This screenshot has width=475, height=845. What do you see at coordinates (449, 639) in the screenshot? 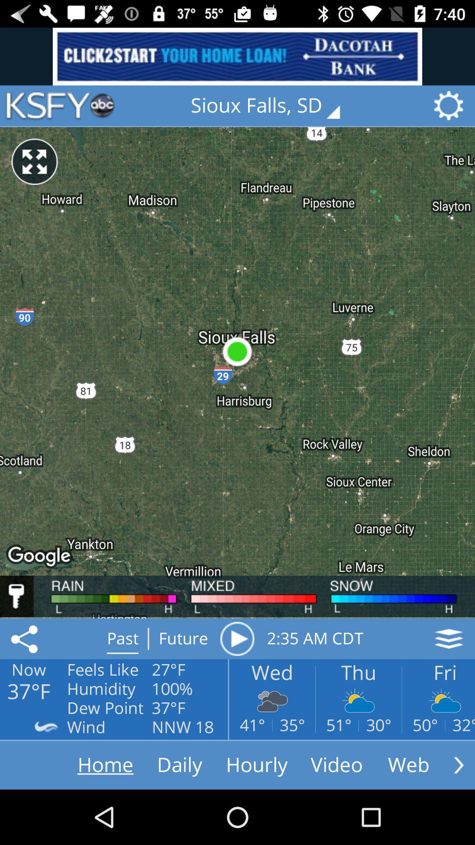
I see `the layers icon` at bounding box center [449, 639].